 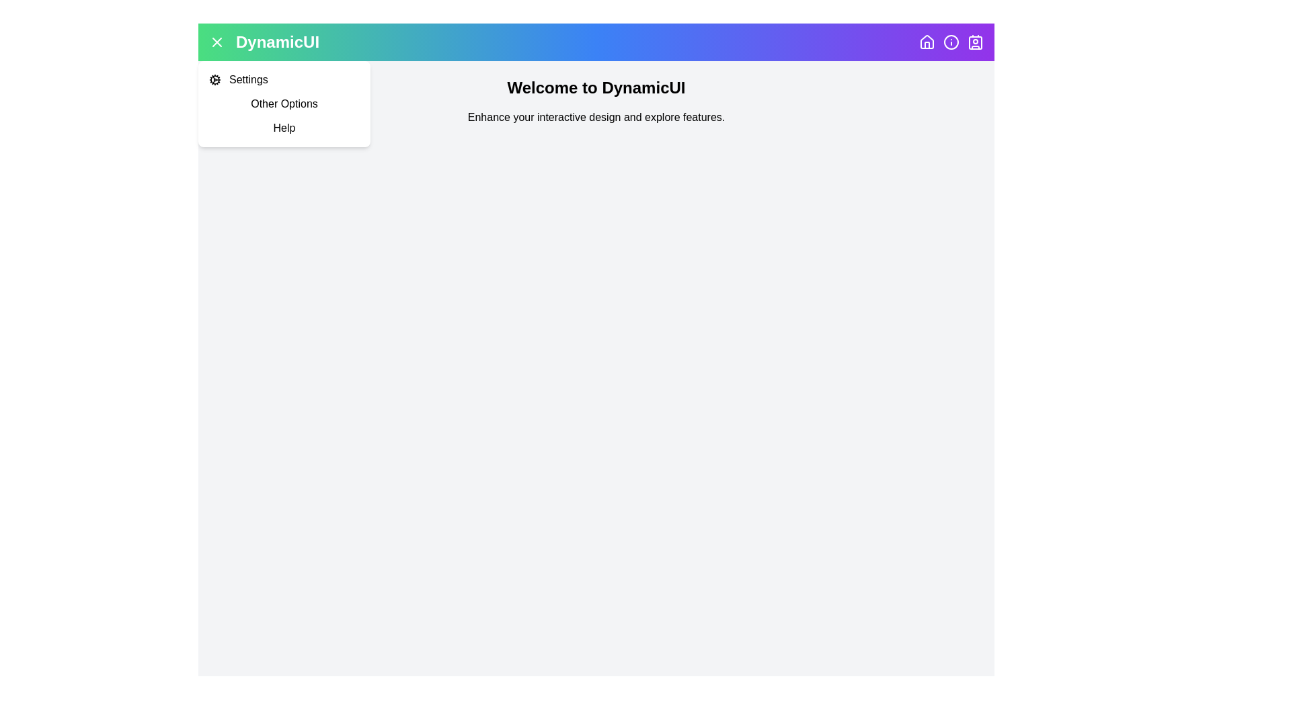 I want to click on the settings icon located to the left of the 'Settings' text in the dropdown menu, so click(x=215, y=80).